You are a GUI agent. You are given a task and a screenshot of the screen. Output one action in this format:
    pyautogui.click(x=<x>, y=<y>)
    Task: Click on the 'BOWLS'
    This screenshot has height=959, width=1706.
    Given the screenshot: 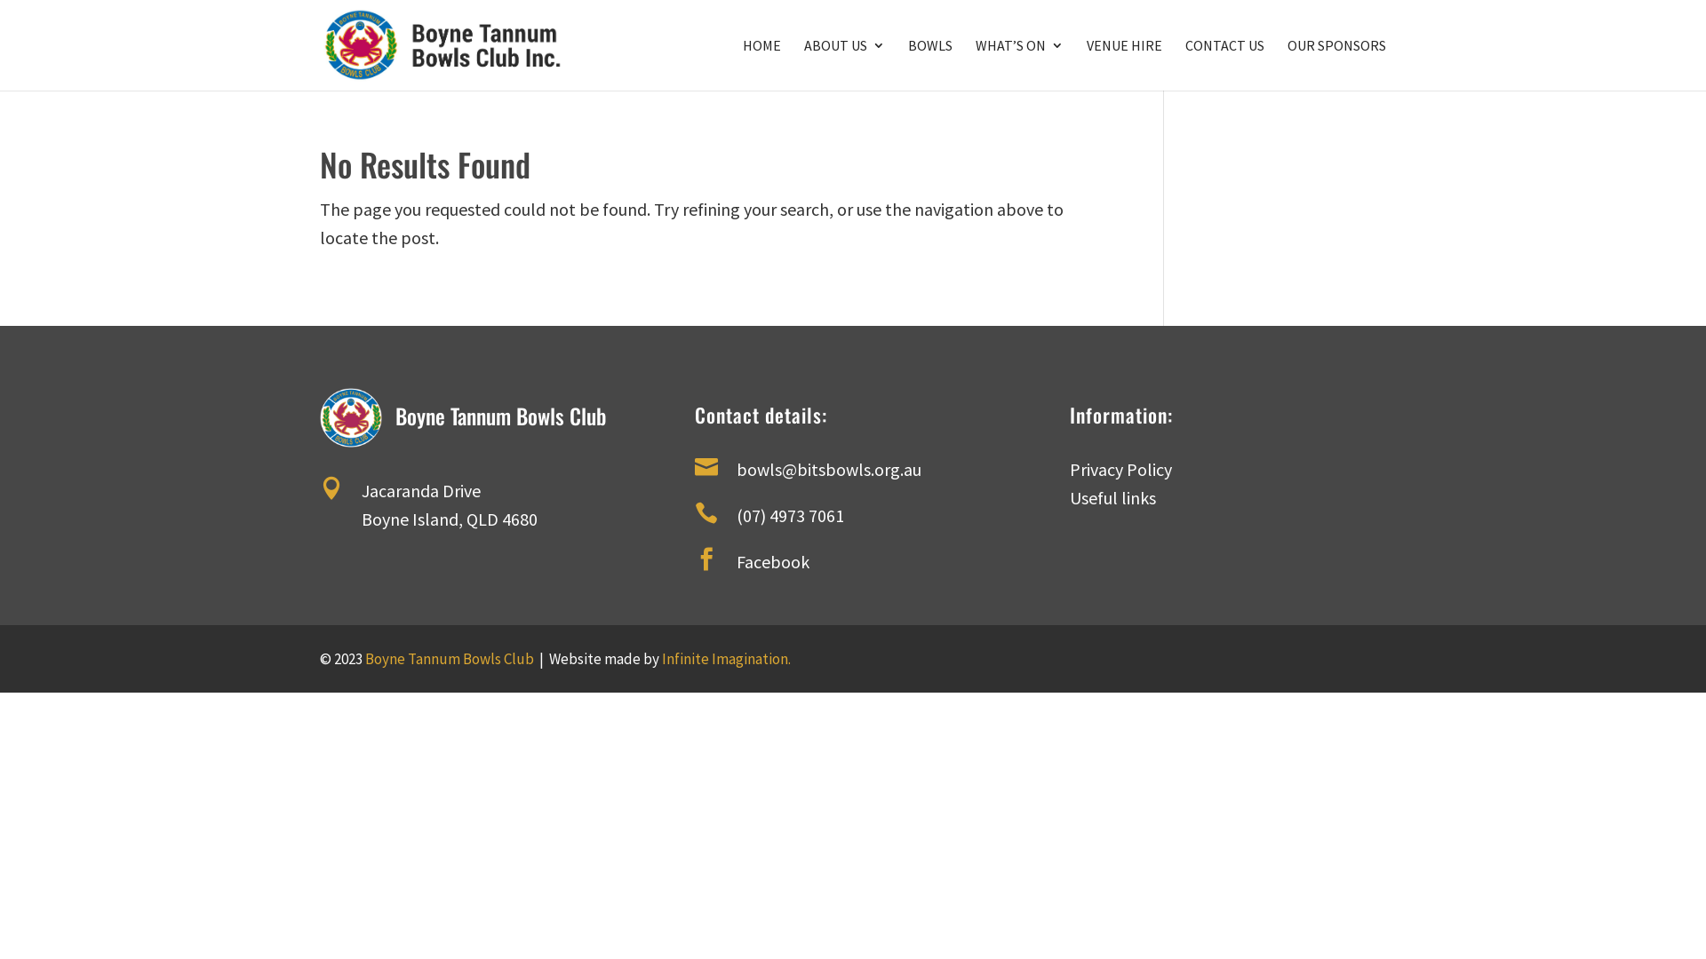 What is the action you would take?
    pyautogui.click(x=908, y=64)
    